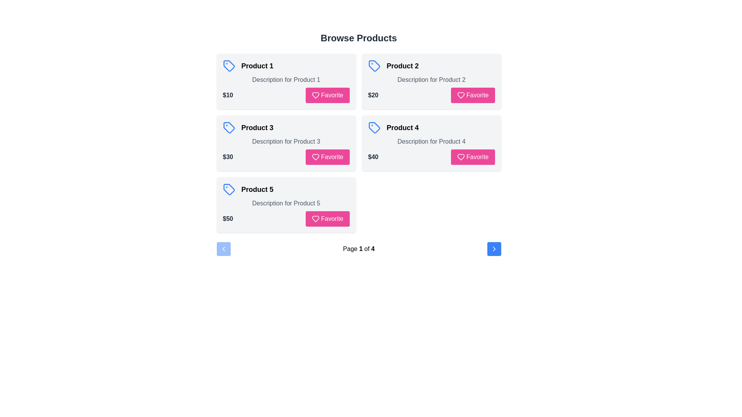 This screenshot has height=417, width=742. What do you see at coordinates (431, 127) in the screenshot?
I see `the text display of the header labeled 'Product 4', which is located at the top-central part of the panel` at bounding box center [431, 127].